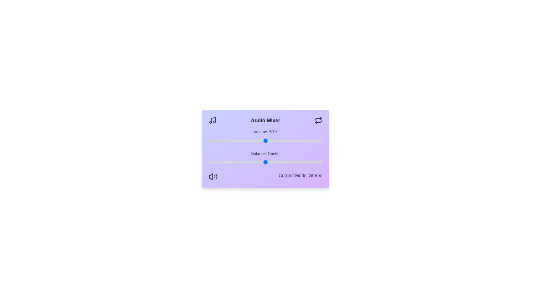 This screenshot has height=307, width=547. I want to click on the volume to 57%, so click(273, 140).